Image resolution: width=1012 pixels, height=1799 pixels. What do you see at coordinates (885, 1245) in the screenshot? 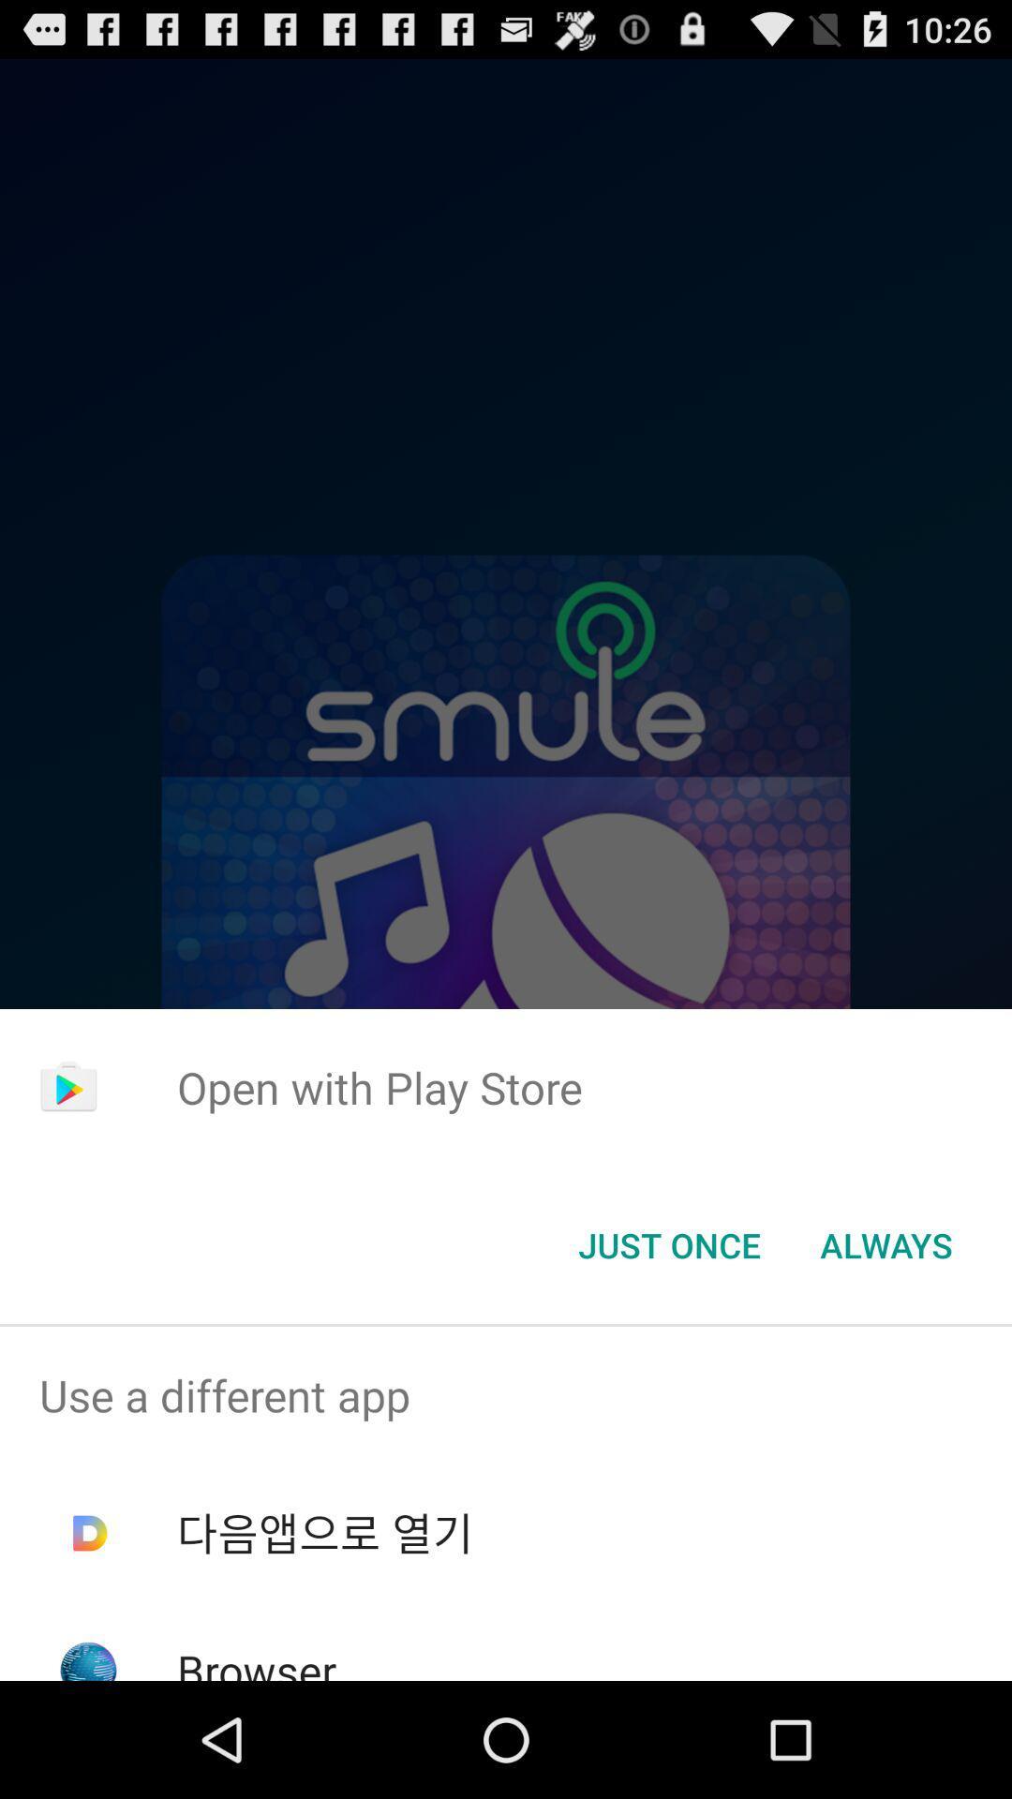
I see `the always item` at bounding box center [885, 1245].